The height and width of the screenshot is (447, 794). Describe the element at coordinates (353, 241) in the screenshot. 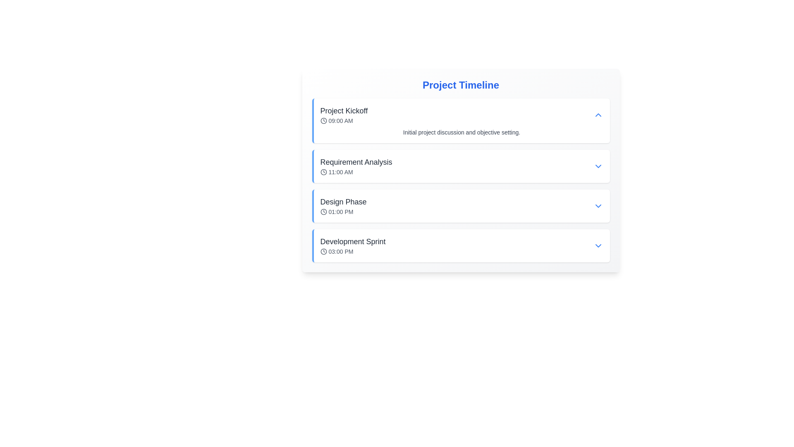

I see `text label displaying 'Development Sprint', which is prominently styled in dark gray and positioned above the time detail '03:00 PM' in the timeline section` at that location.